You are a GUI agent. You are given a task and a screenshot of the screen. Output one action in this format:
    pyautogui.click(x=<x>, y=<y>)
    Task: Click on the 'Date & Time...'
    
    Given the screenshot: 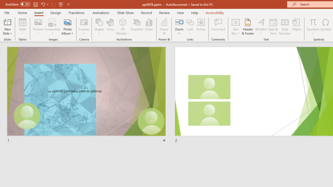 What is the action you would take?
    pyautogui.click(x=273, y=27)
    